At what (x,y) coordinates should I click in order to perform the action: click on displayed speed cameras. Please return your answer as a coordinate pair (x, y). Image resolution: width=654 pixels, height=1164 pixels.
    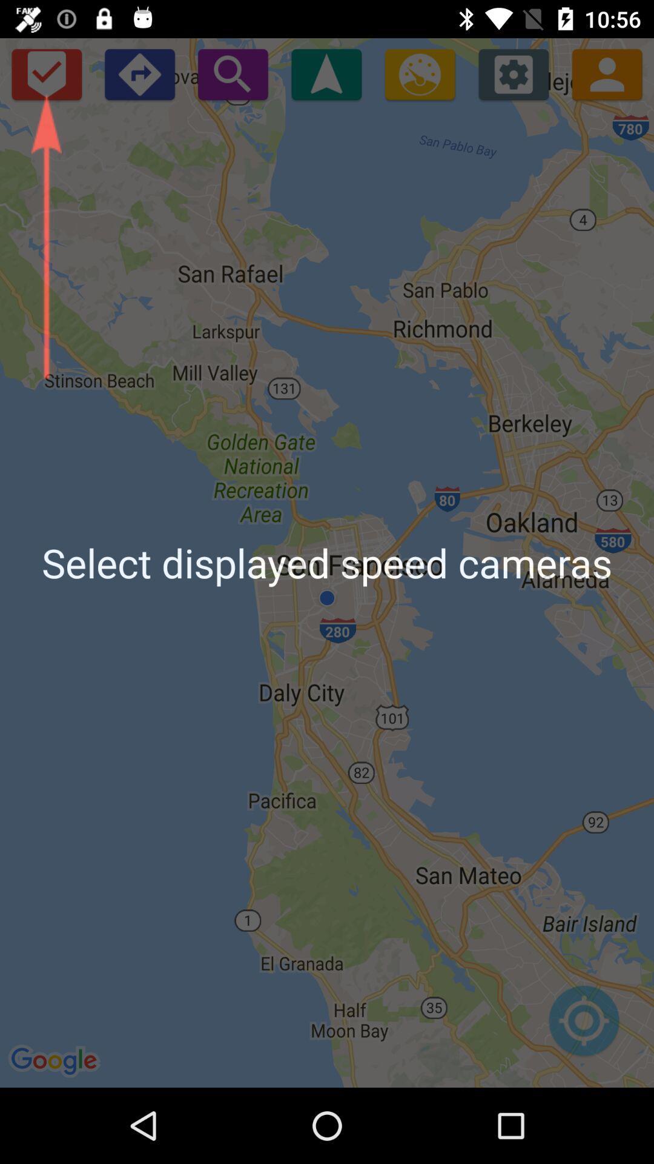
    Looking at the image, I should click on (45, 73).